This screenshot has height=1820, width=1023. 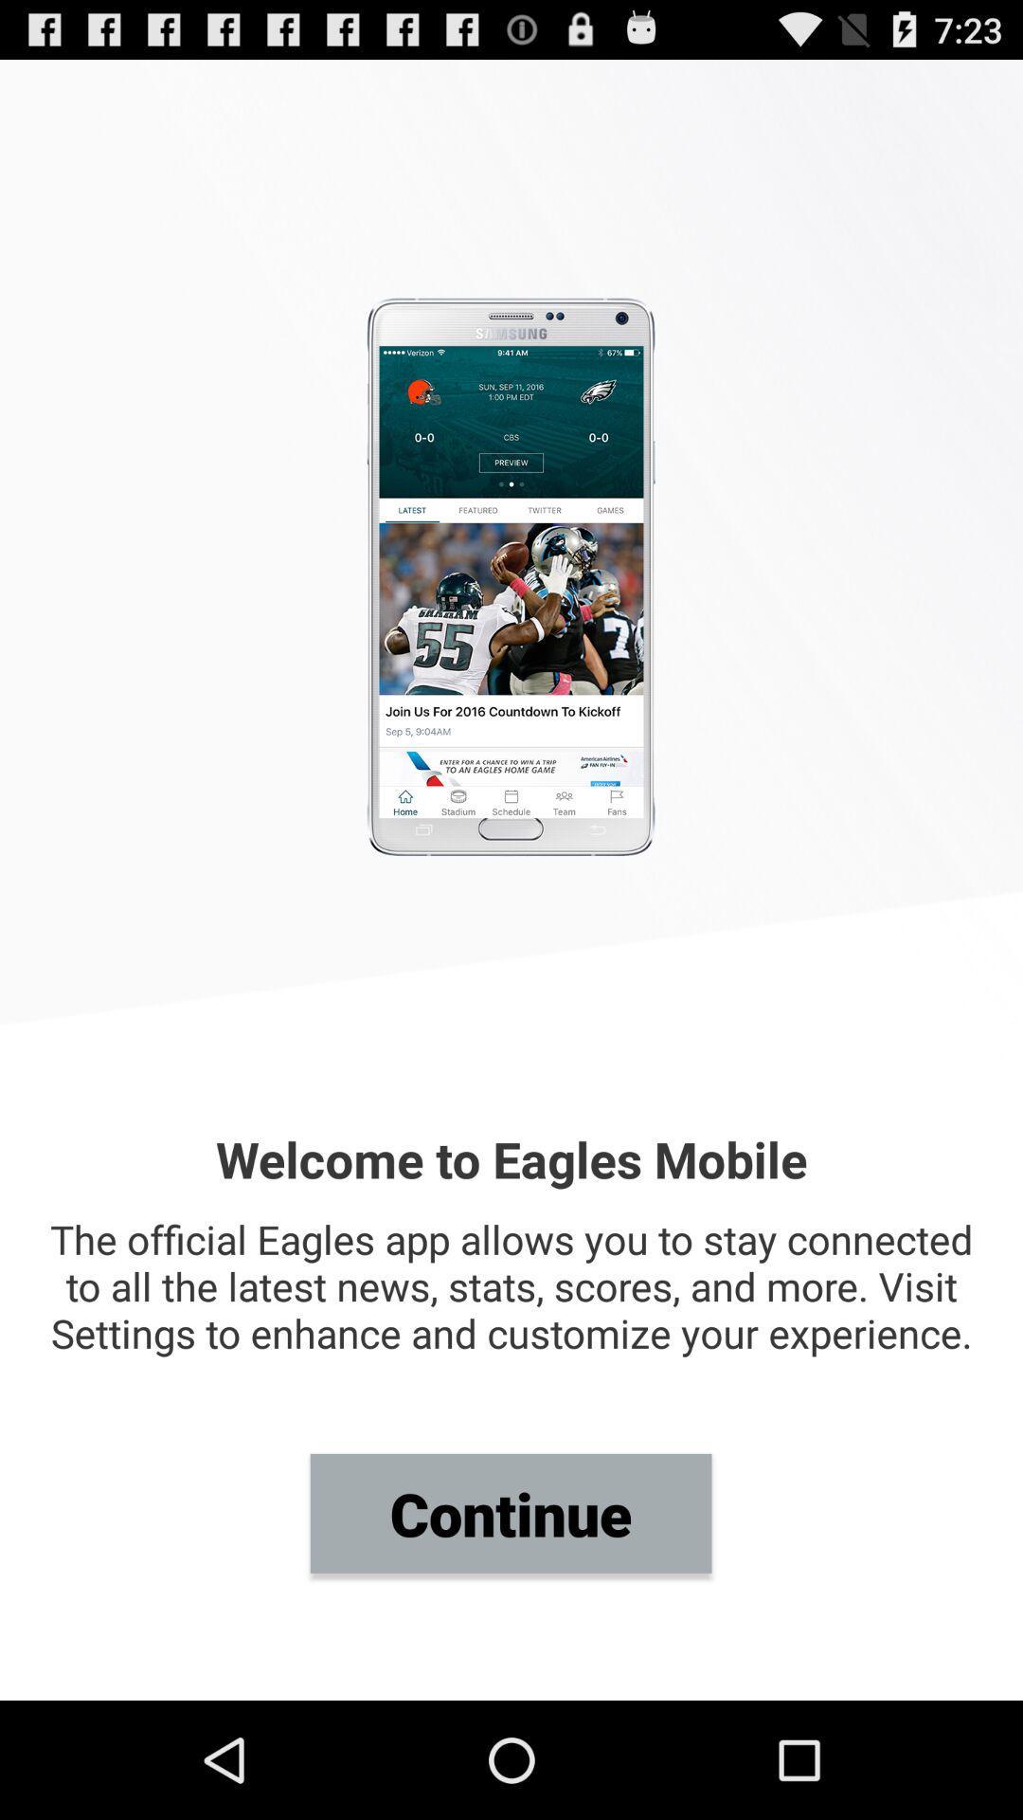 What do you see at coordinates (510, 1512) in the screenshot?
I see `the continue item` at bounding box center [510, 1512].